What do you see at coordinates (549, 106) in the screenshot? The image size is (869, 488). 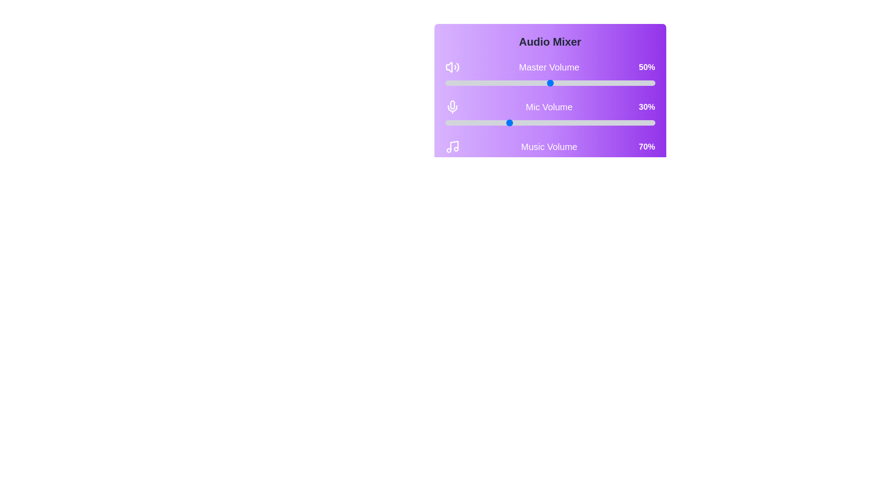 I see `the 'Mic Volume' text label, which displays in bold white font on a purple gradient background, located above the numeric label '30%' in the audio mixer UI` at bounding box center [549, 106].